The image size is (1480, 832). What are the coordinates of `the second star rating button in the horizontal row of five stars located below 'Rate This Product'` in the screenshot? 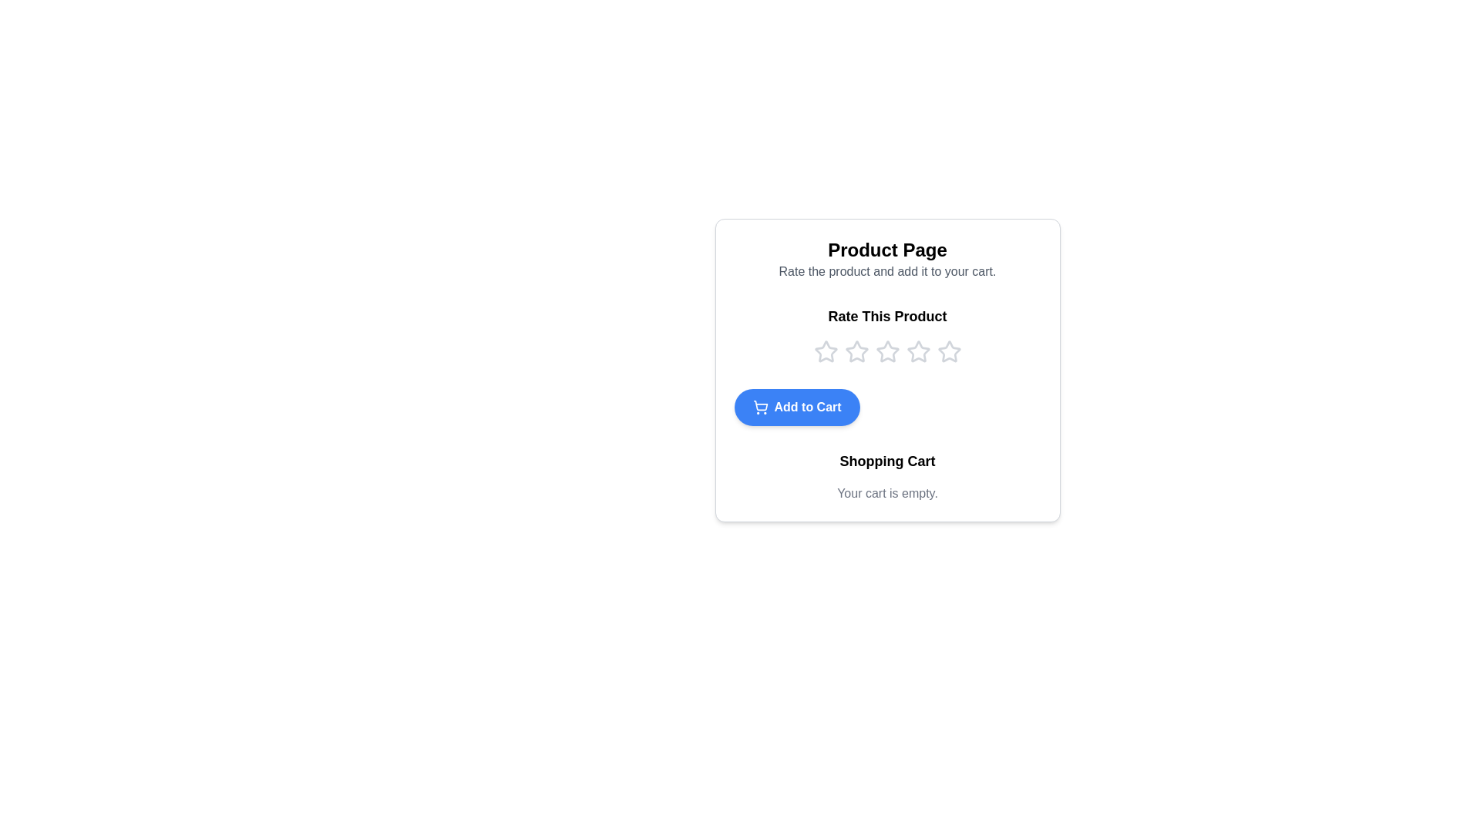 It's located at (887, 351).